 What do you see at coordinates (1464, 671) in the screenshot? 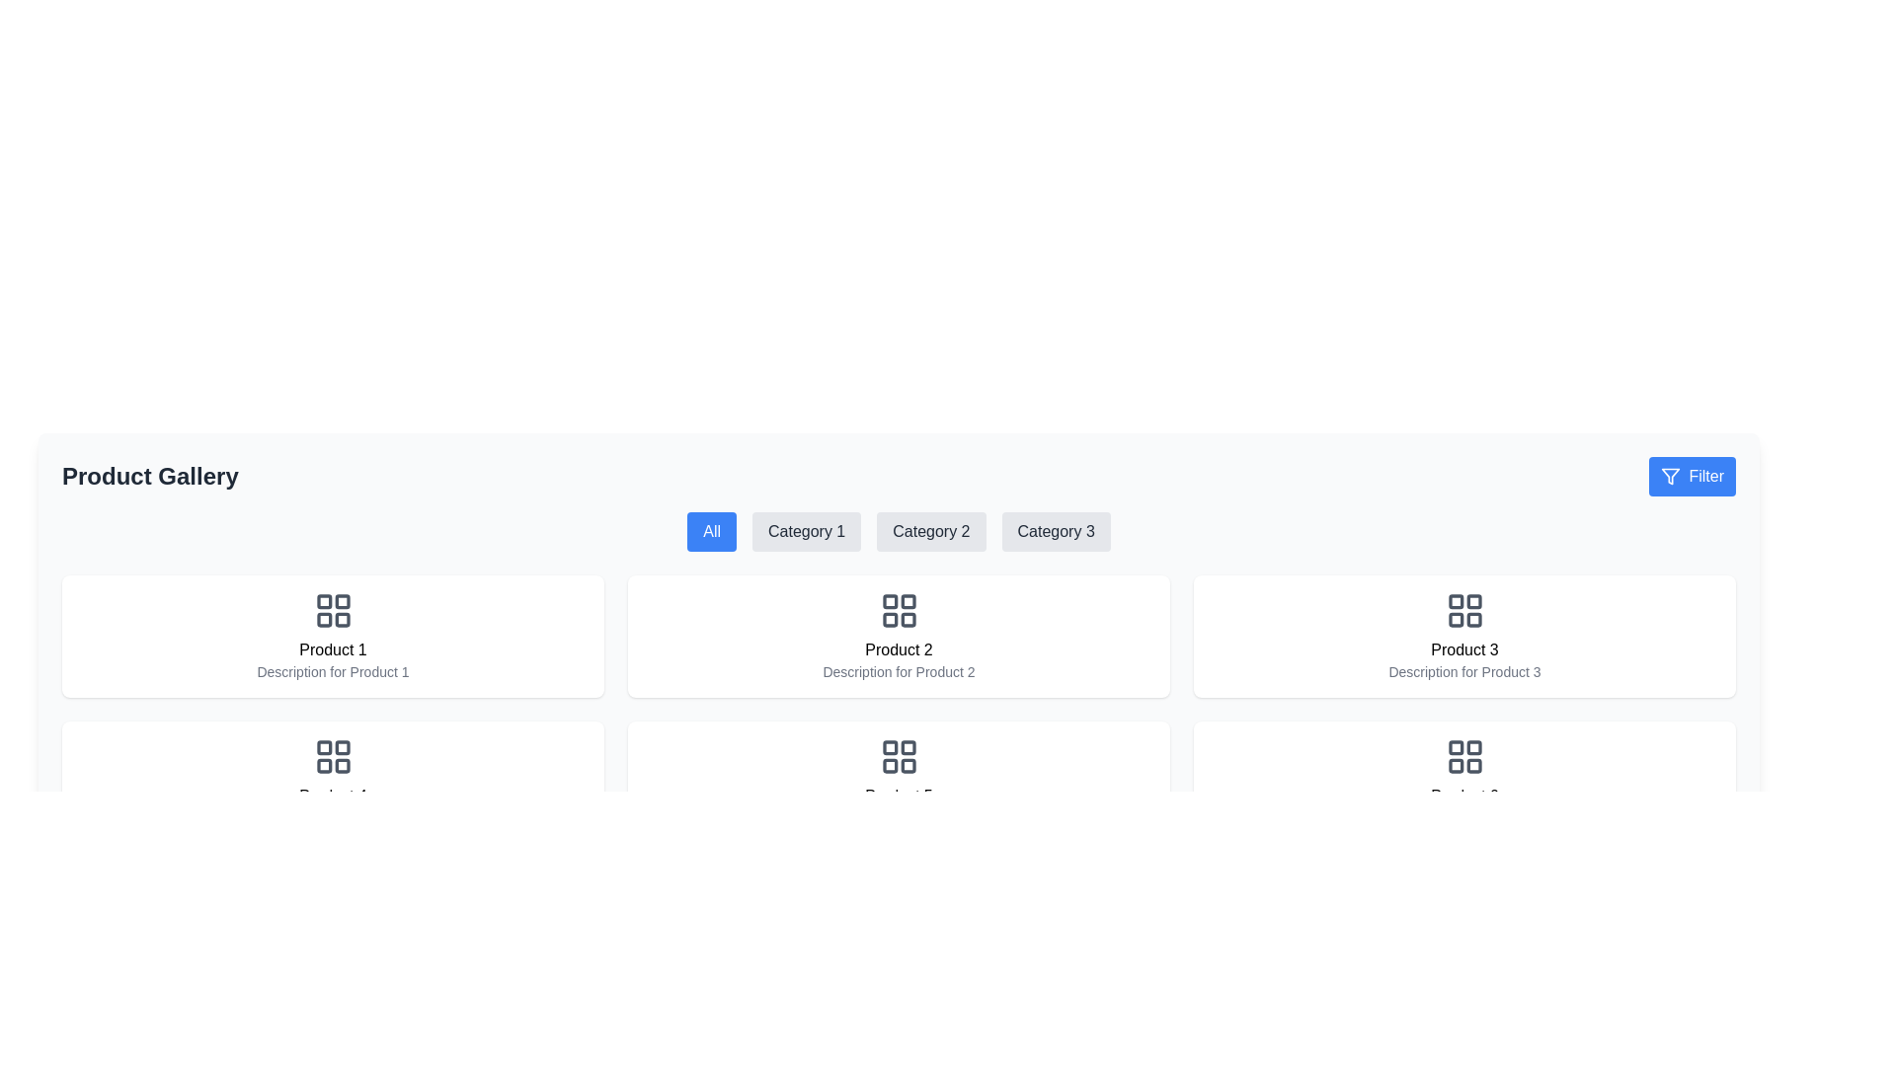
I see `text label displaying 'Description for Product 3', which is located below the title 'Product 3' in the product card for 'Product 3'` at bounding box center [1464, 671].